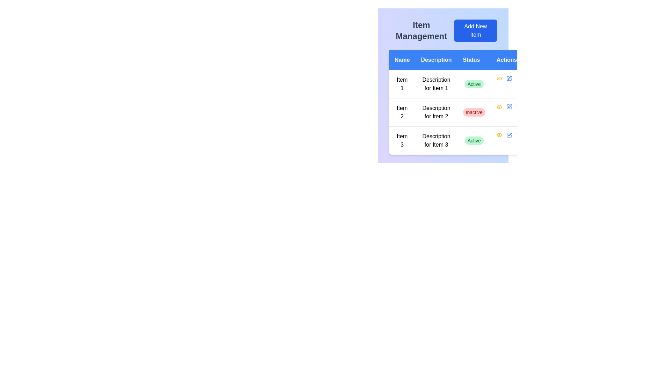 The image size is (671, 377). What do you see at coordinates (509, 135) in the screenshot?
I see `the 'Edit' icon button in the 'Actions' column of the last row in the table` at bounding box center [509, 135].